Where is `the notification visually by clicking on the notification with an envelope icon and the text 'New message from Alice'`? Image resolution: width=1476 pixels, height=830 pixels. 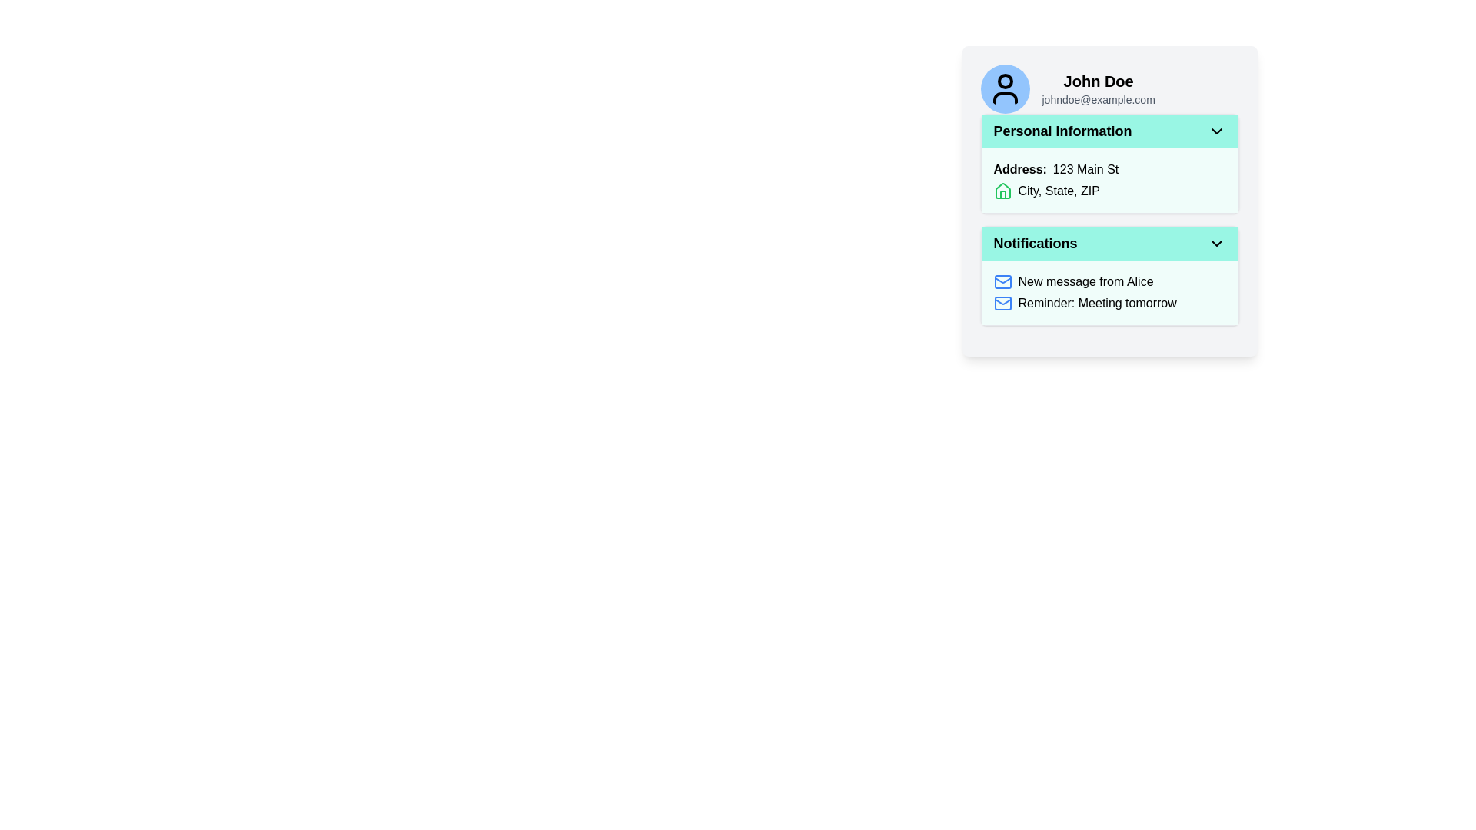 the notification visually by clicking on the notification with an envelope icon and the text 'New message from Alice' is located at coordinates (1109, 281).